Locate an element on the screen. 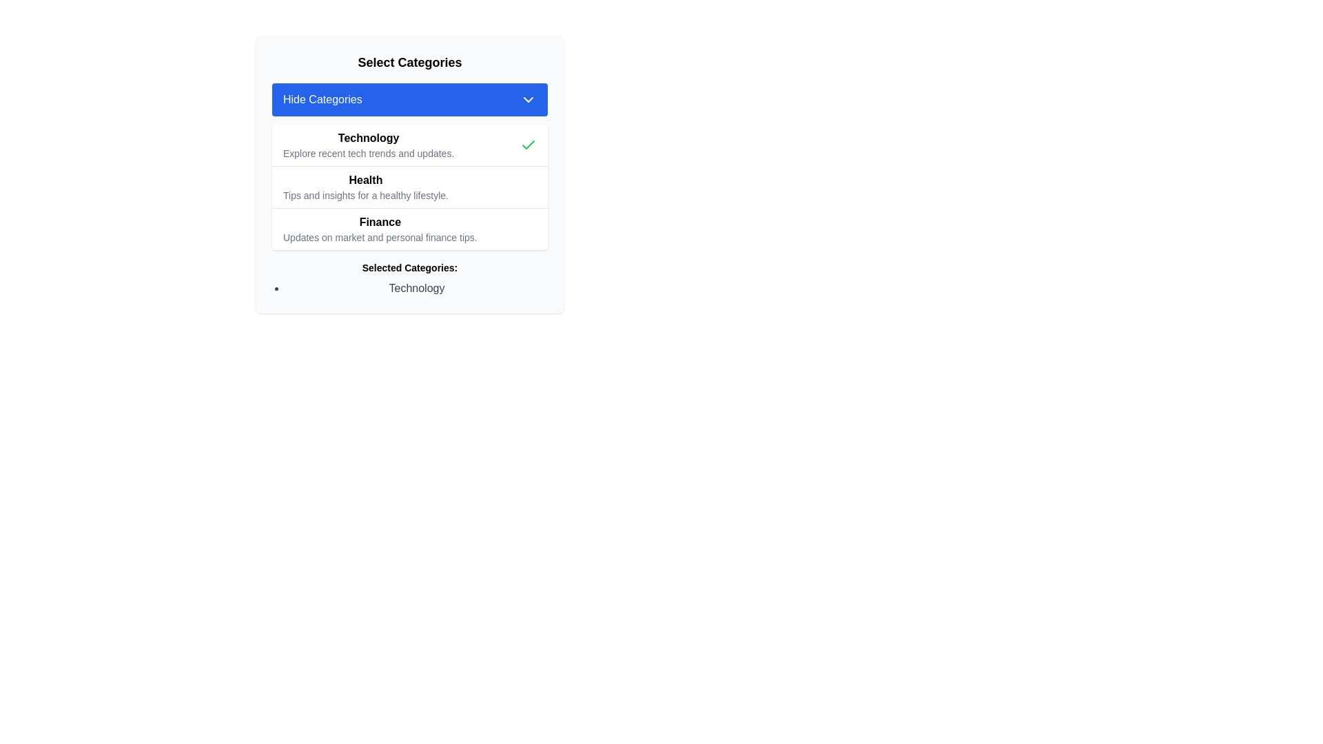  the 'Health' informational text element, which is the second item in the vertical list of categories is located at coordinates (365, 187).